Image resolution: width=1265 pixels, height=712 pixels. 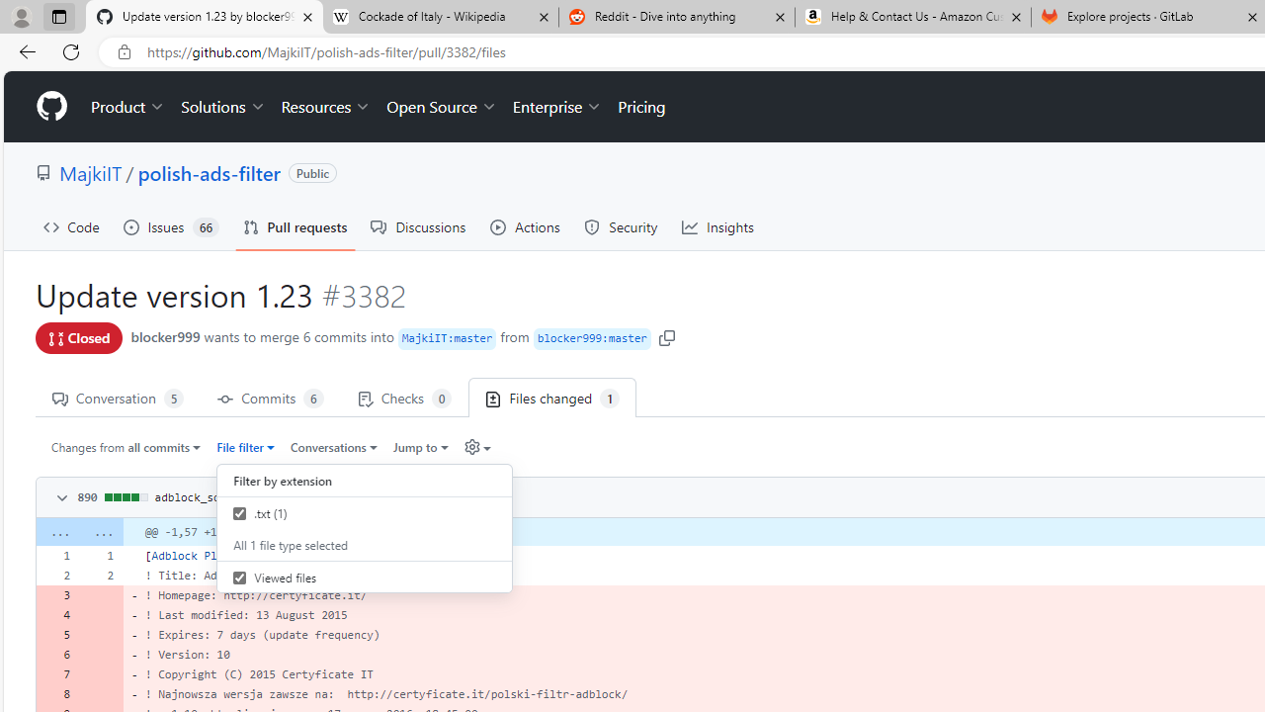 What do you see at coordinates (57, 693) in the screenshot?
I see `'8'` at bounding box center [57, 693].